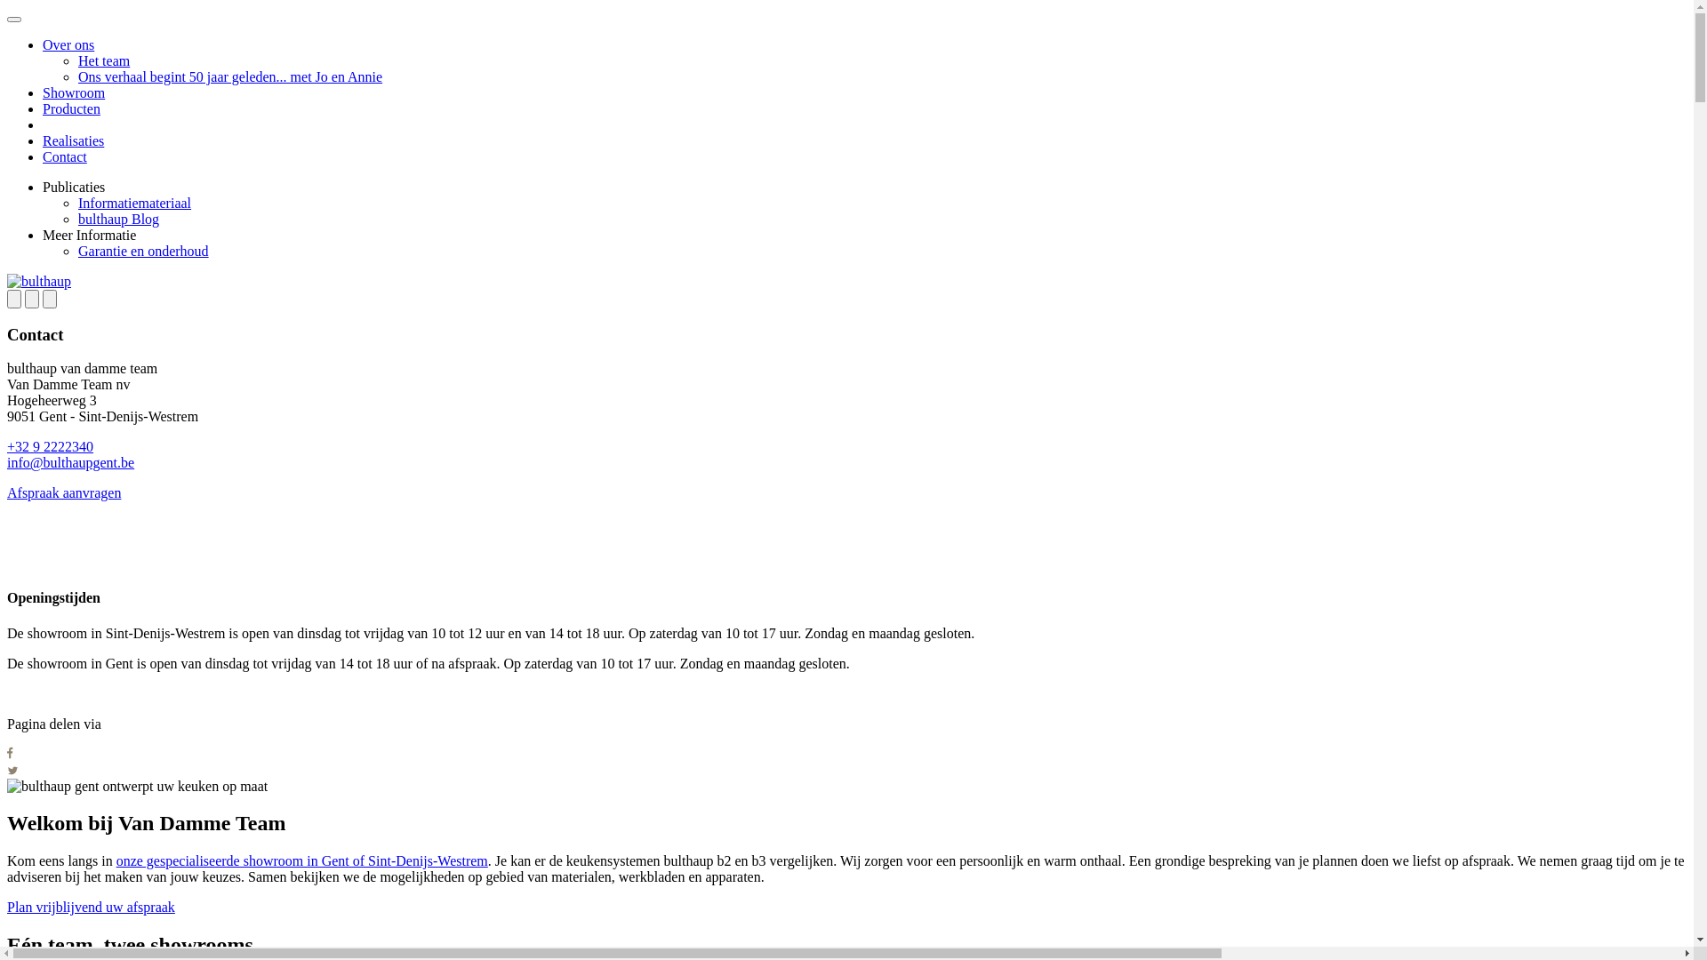 This screenshot has height=960, width=1707. What do you see at coordinates (64, 492) in the screenshot?
I see `'Afspraak aanvragen'` at bounding box center [64, 492].